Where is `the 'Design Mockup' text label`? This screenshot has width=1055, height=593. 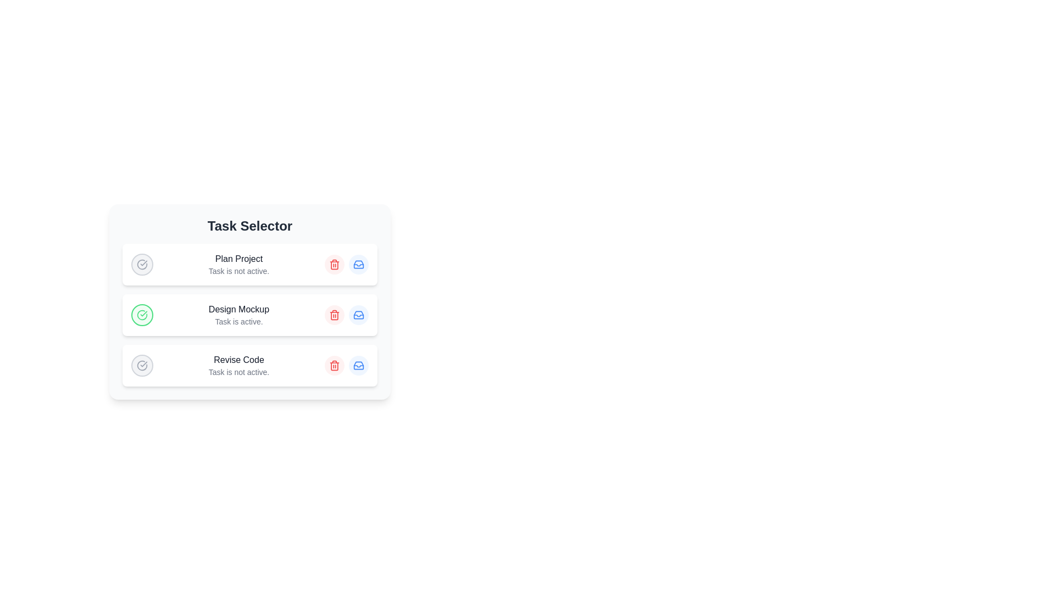 the 'Design Mockup' text label is located at coordinates (238, 309).